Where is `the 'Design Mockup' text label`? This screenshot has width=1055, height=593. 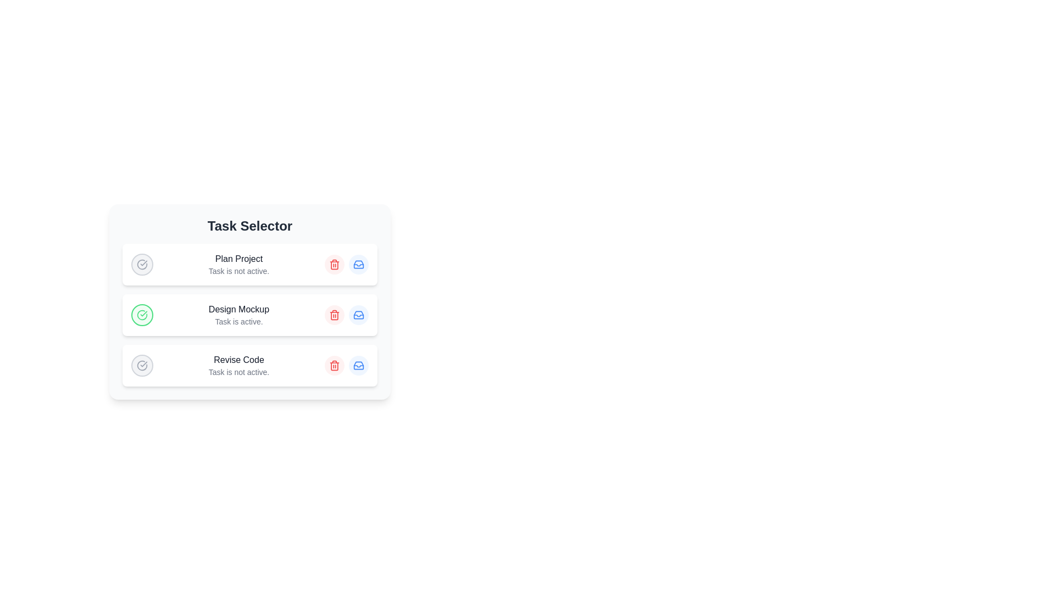 the 'Design Mockup' text label is located at coordinates (238, 309).